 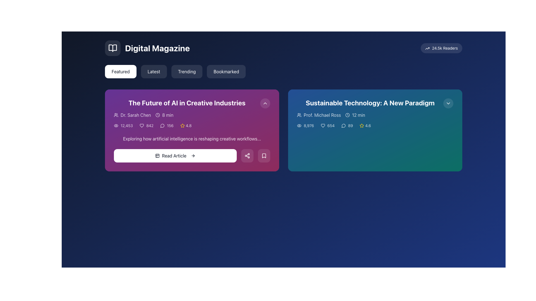 I want to click on the right-facing arrow icon, which is styled as an SVG graphic with thin black lines, located on the rightmost side of the 'Read Article' button within the purple card titled 'The Future of AI in Creative Industries.', so click(x=193, y=156).